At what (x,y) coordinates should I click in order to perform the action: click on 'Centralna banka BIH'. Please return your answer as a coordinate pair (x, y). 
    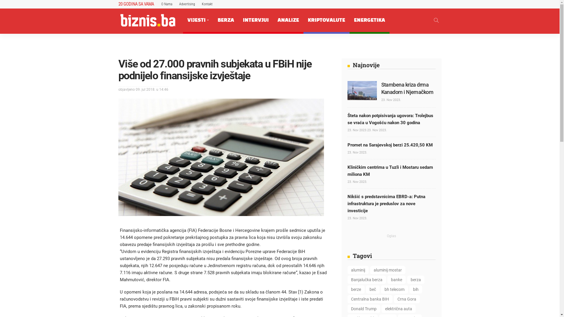
    Looking at the image, I should click on (369, 299).